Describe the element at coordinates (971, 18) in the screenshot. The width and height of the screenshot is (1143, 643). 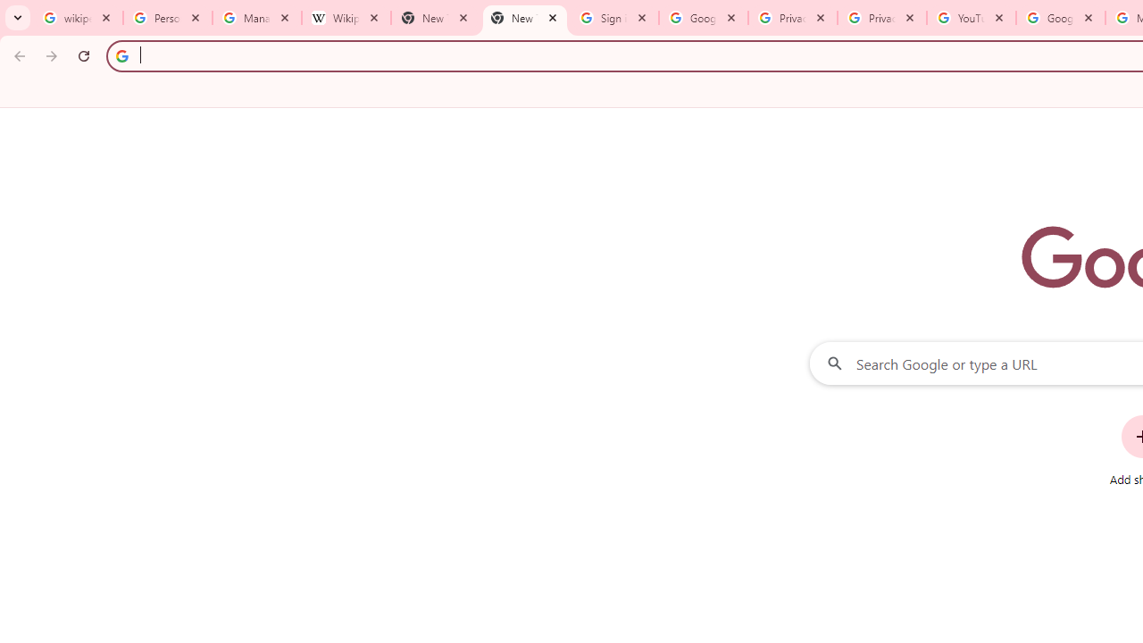
I see `'YouTube'` at that location.